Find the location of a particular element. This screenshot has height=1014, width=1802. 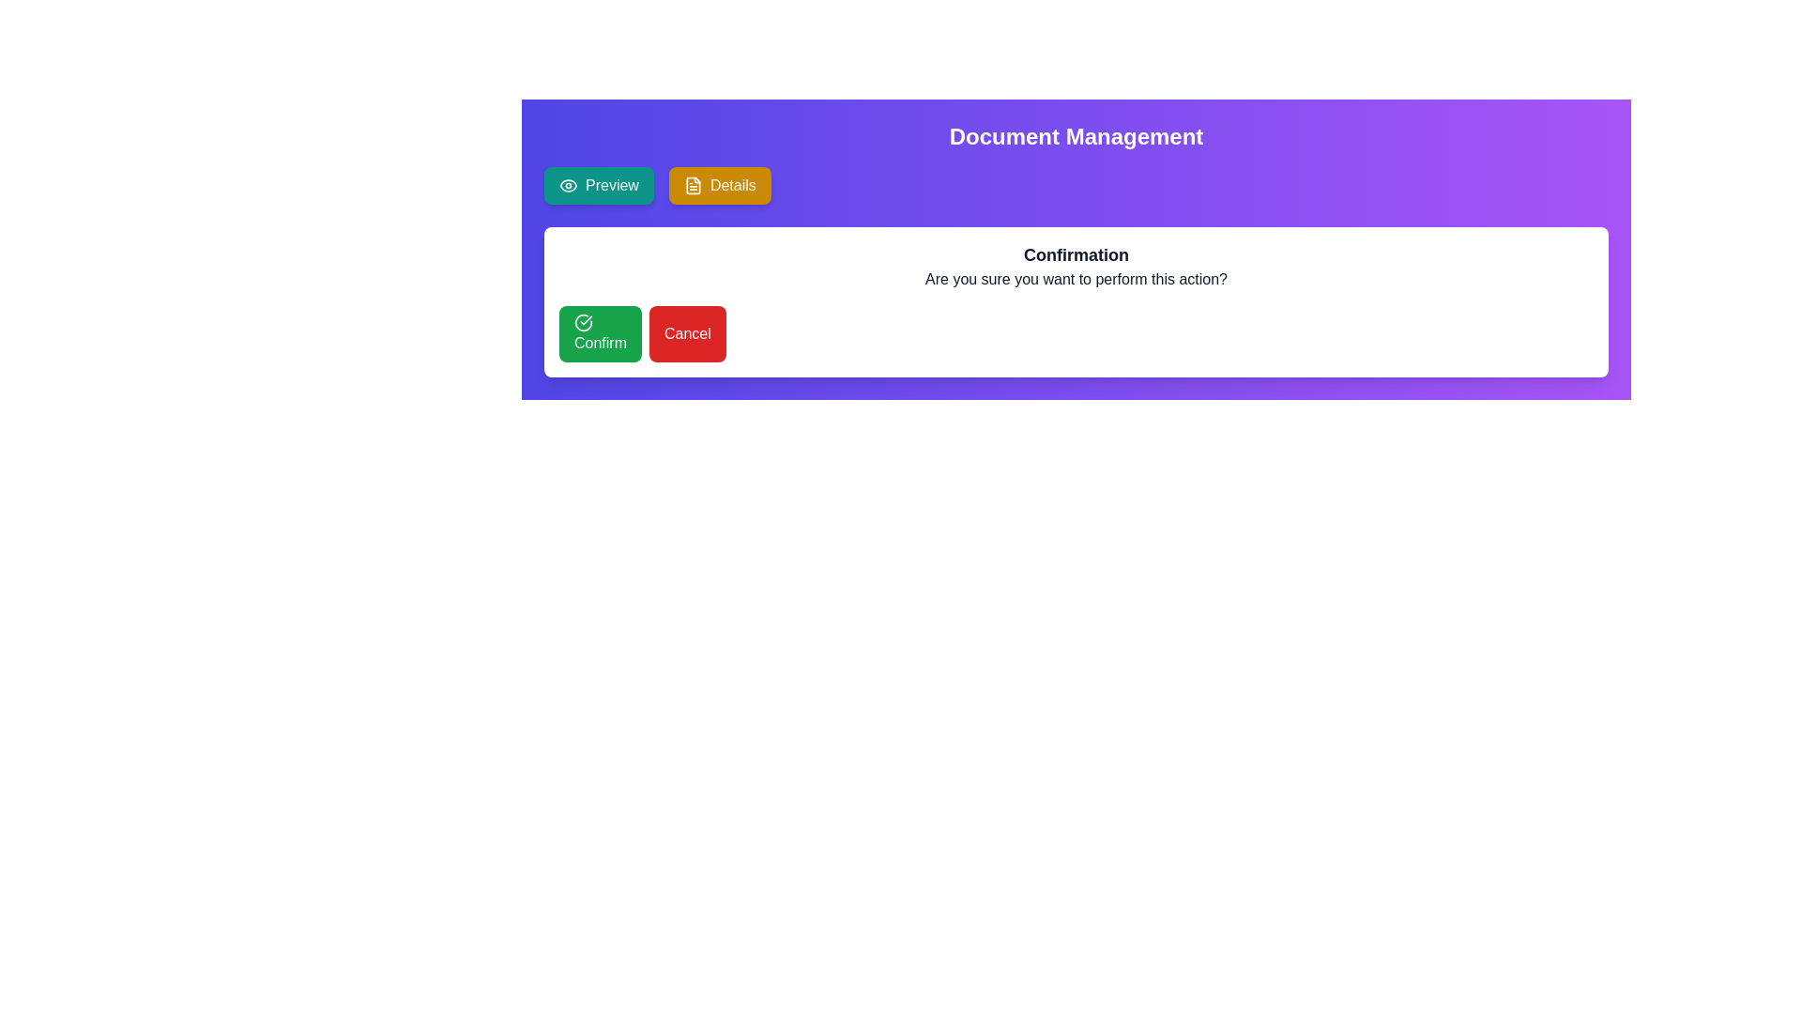

the confirmation icon located to the left of the text label within the 'Confirm' button is located at coordinates (583, 321).